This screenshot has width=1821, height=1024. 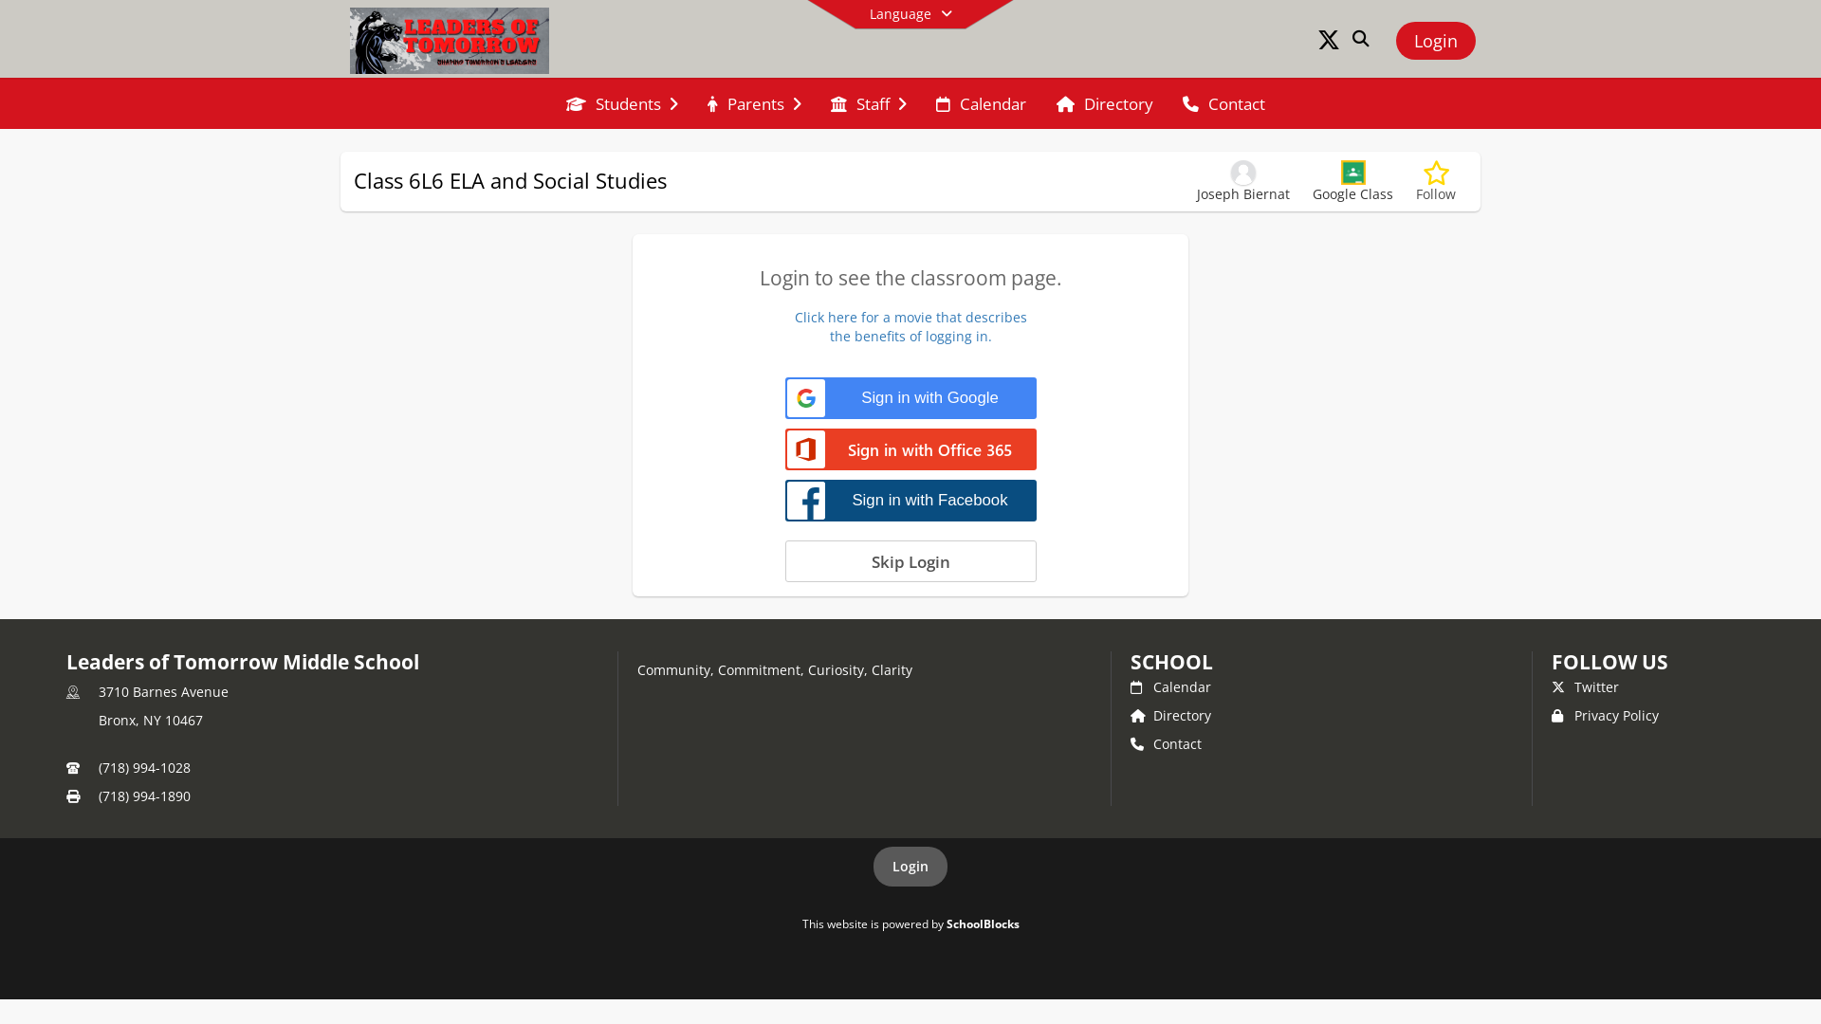 I want to click on 'Follow', so click(x=1435, y=181).